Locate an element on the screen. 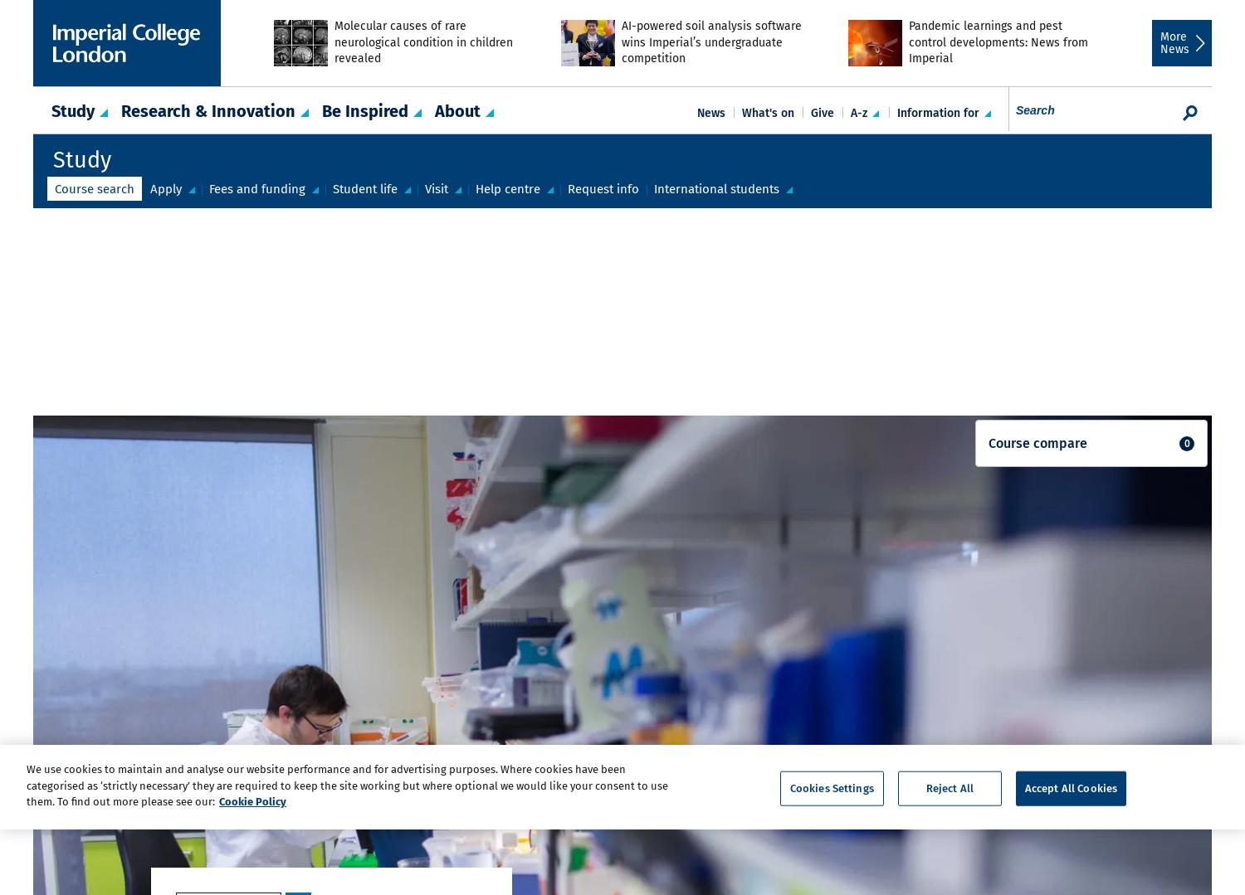  'Request info' is located at coordinates (603, 187).